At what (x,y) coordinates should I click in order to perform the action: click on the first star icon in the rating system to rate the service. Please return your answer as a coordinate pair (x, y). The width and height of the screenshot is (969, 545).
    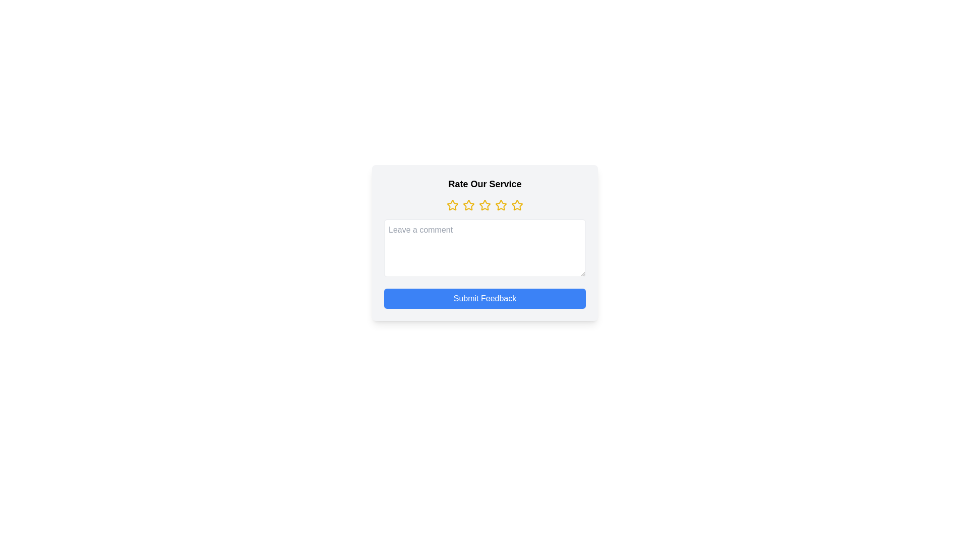
    Looking at the image, I should click on (452, 204).